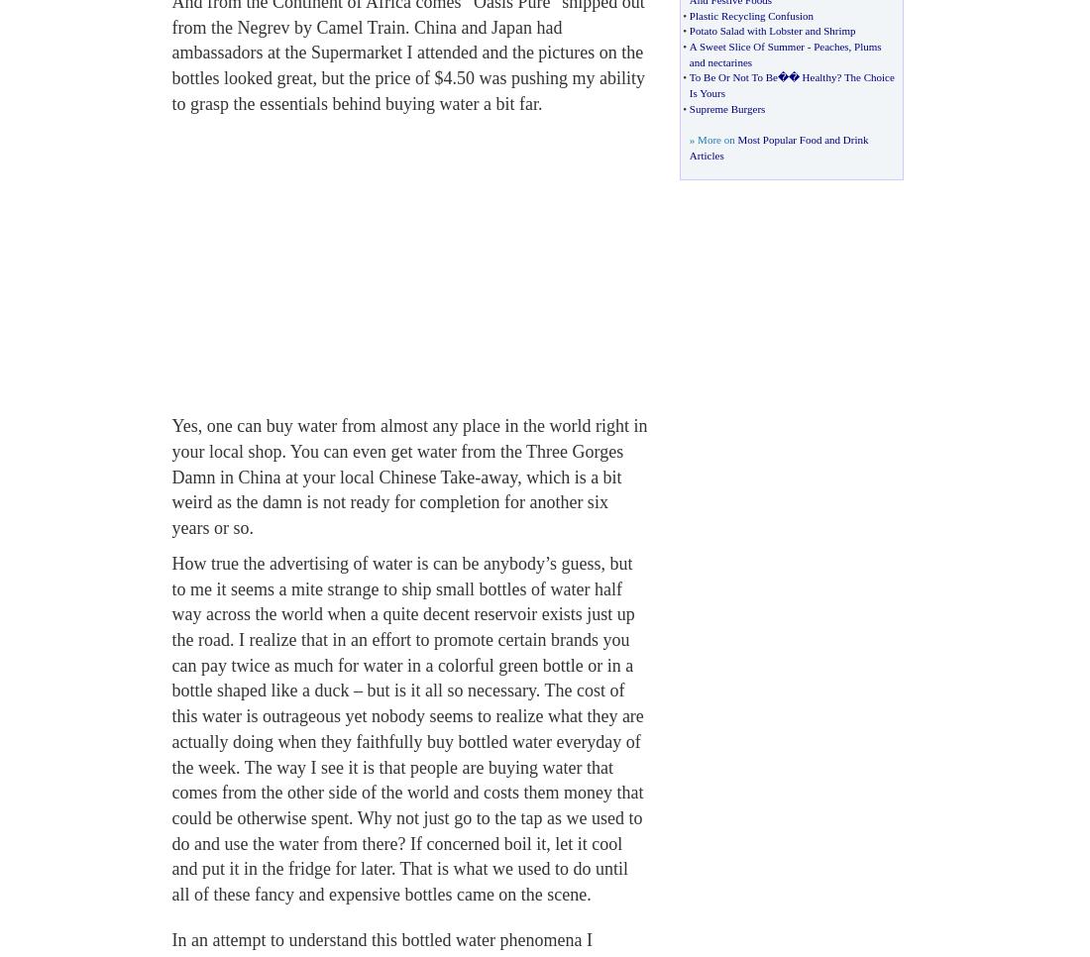 The height and width of the screenshot is (957, 1090). What do you see at coordinates (725, 107) in the screenshot?
I see `'Supreme Burgers'` at bounding box center [725, 107].